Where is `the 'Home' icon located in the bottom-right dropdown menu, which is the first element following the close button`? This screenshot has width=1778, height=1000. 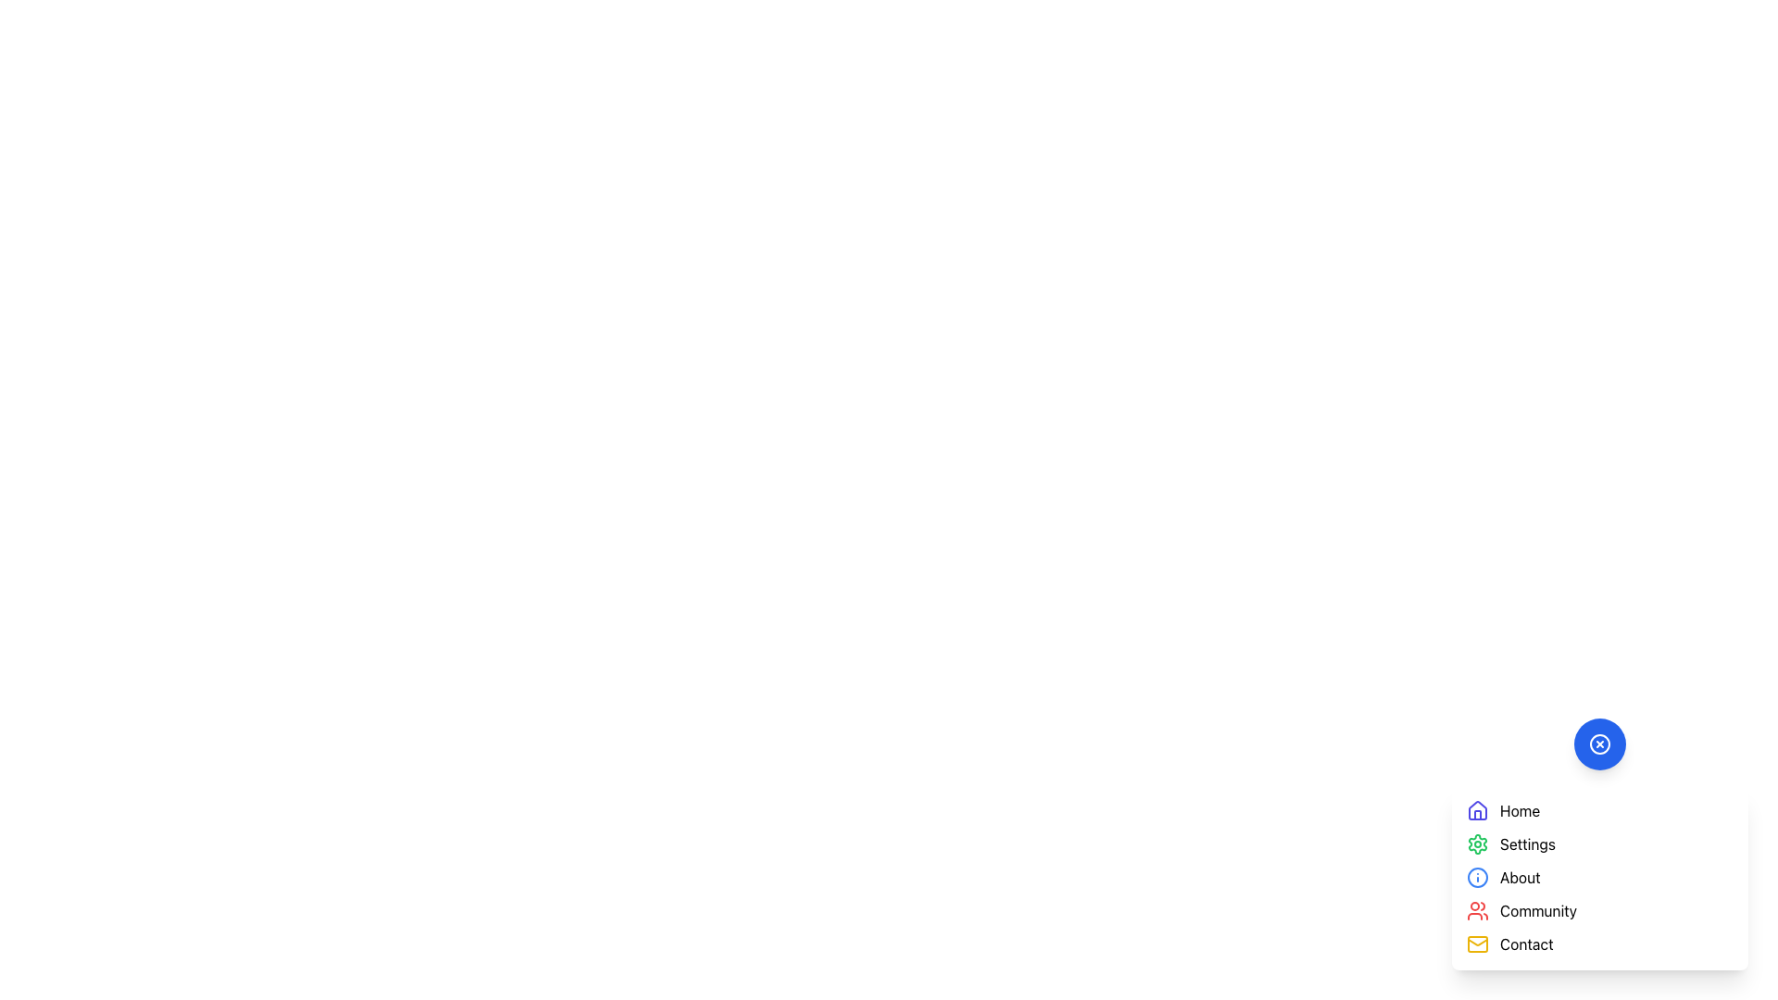 the 'Home' icon located in the bottom-right dropdown menu, which is the first element following the close button is located at coordinates (1477, 809).